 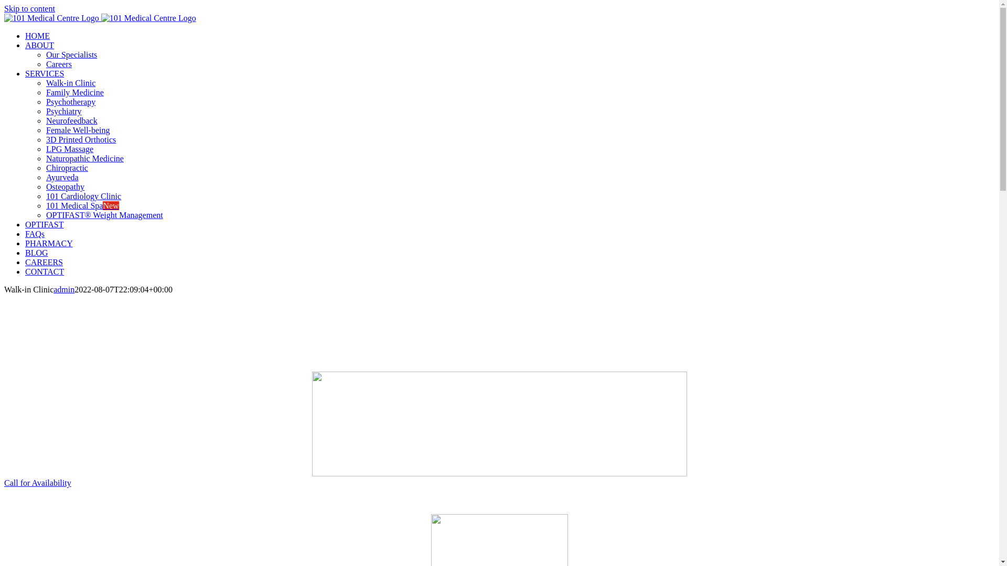 What do you see at coordinates (44, 224) in the screenshot?
I see `'OPTIFAST'` at bounding box center [44, 224].